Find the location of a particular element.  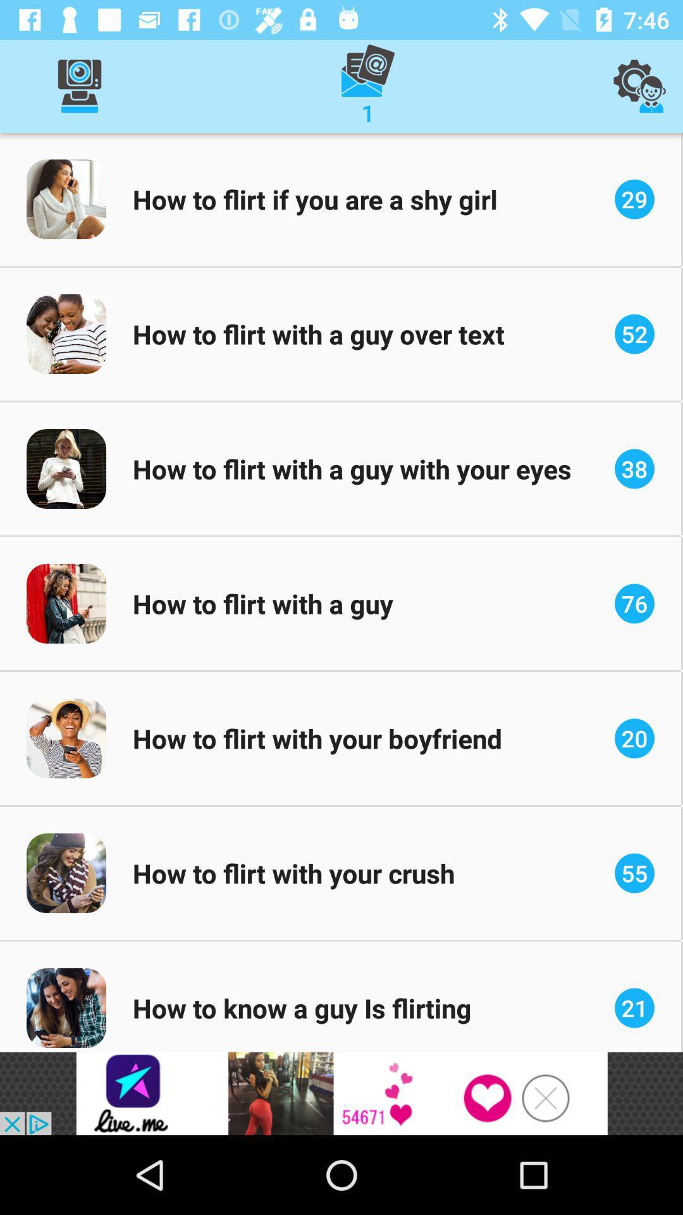

the message option which is on the top of the page is located at coordinates (368, 85).